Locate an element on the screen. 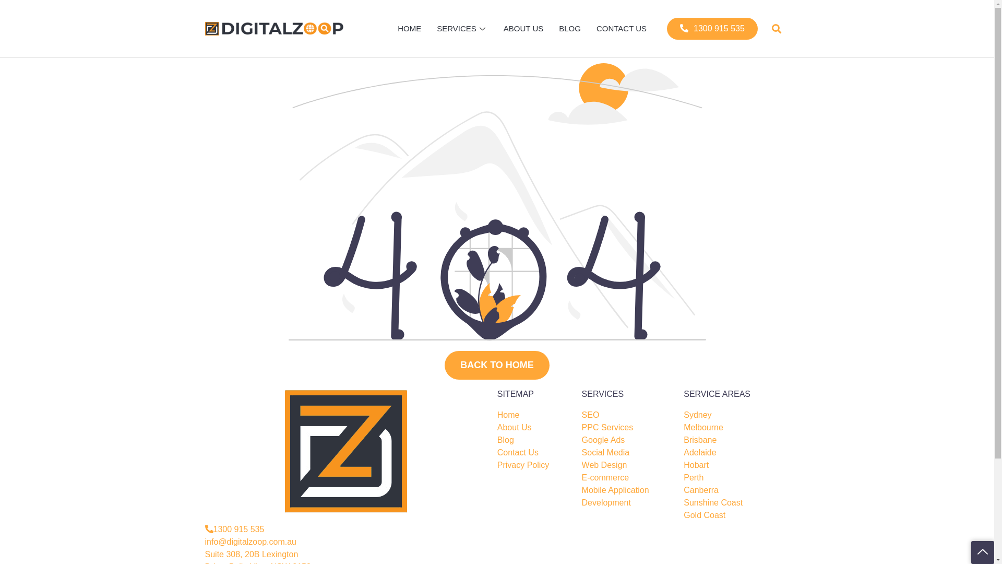 The height and width of the screenshot is (564, 1002). 'Melbourne' is located at coordinates (703, 427).